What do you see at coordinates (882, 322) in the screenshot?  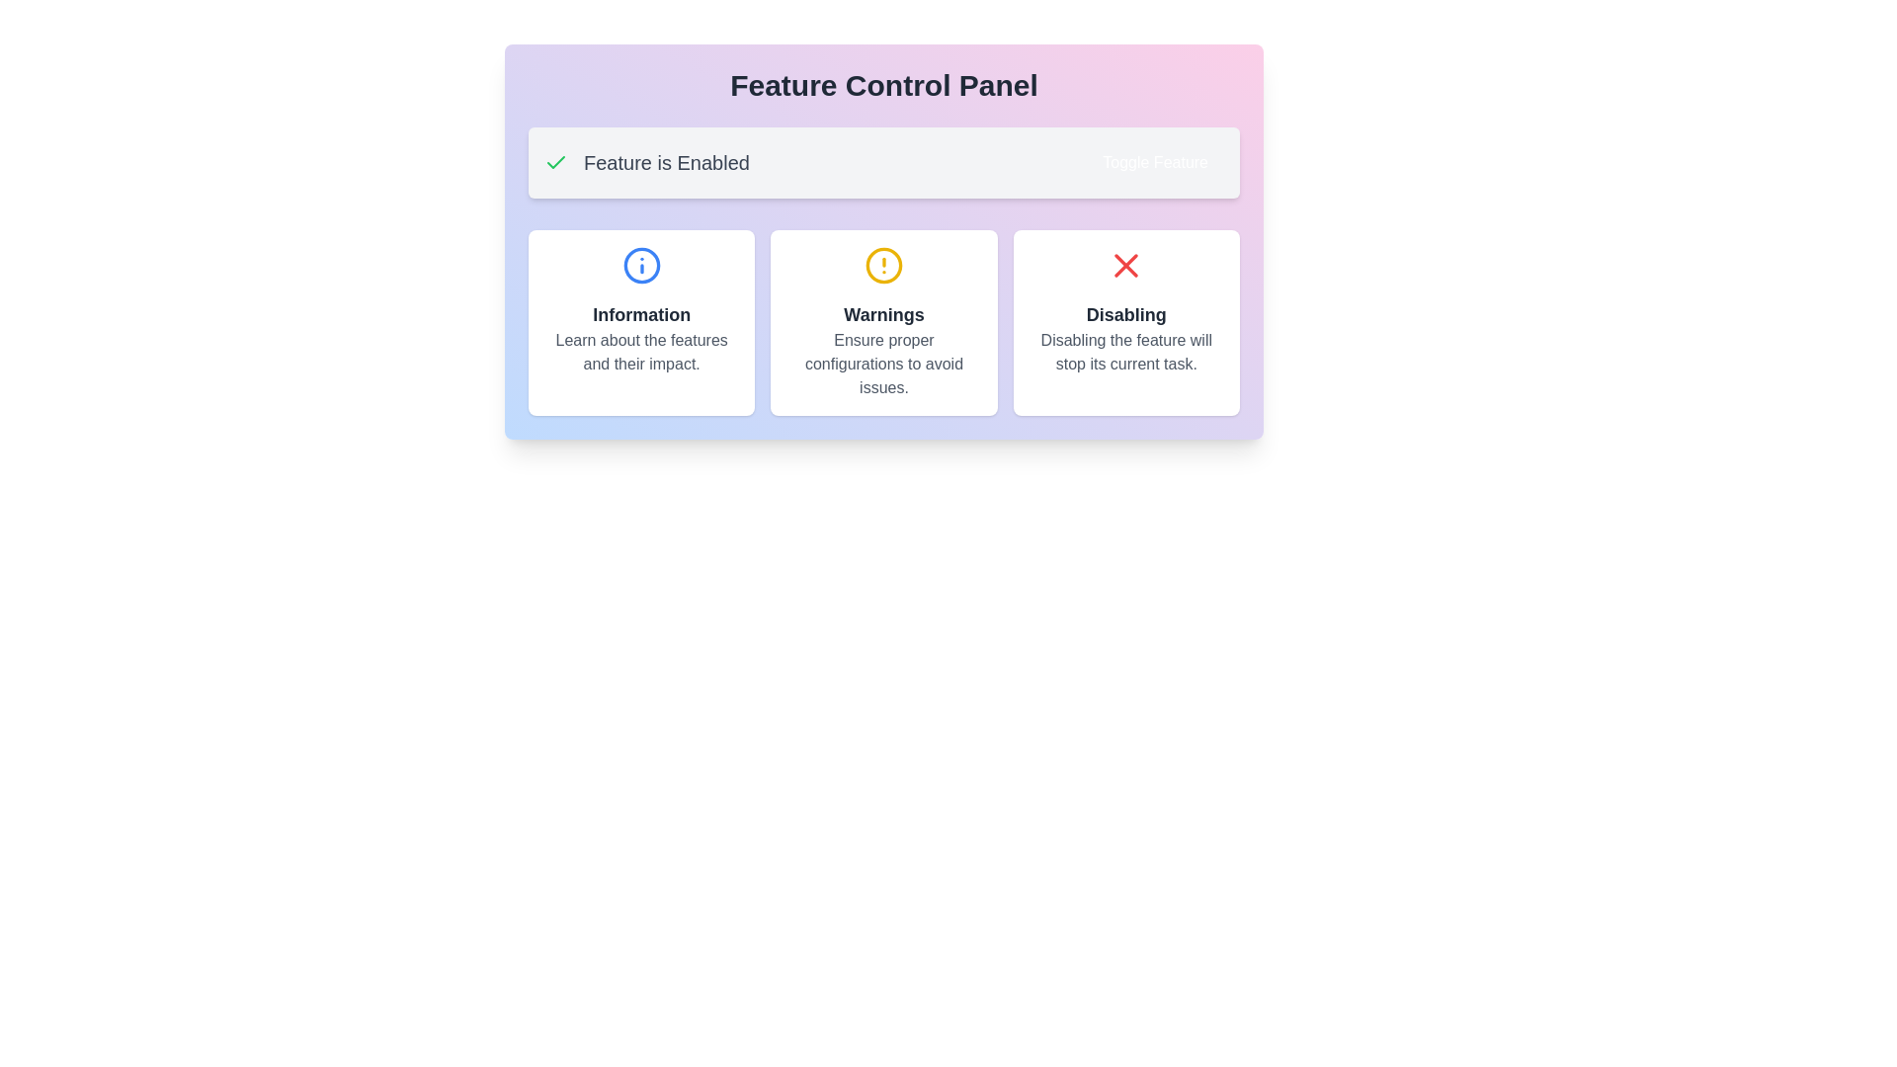 I see `the second informational card that provides warning information related to system configurations, located in the center column of a horizontal triplet layout` at bounding box center [882, 322].